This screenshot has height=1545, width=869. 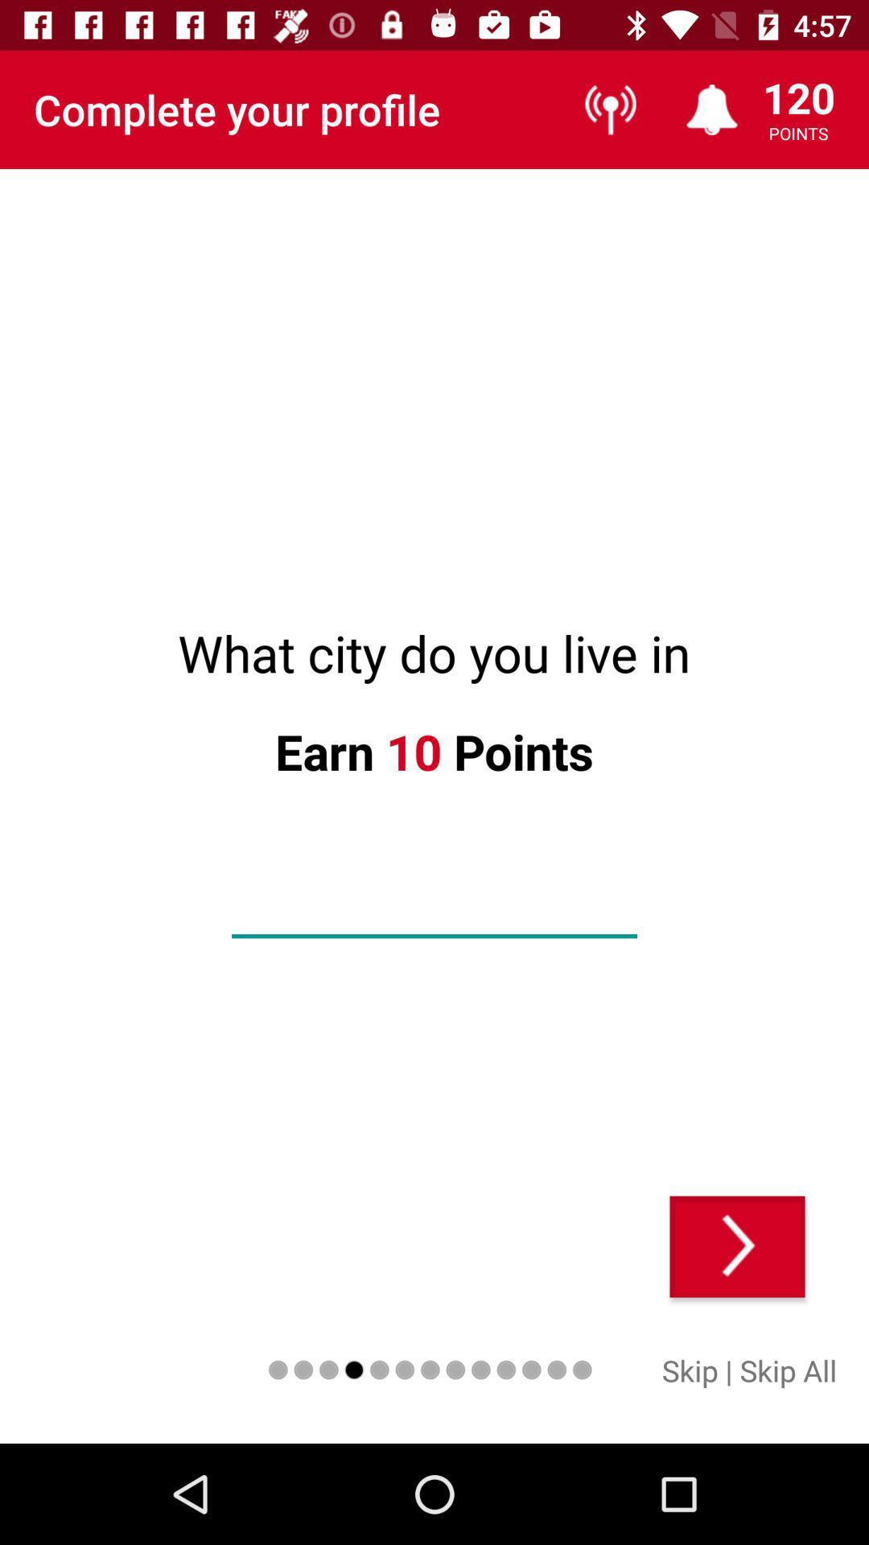 I want to click on item below the what city do, so click(x=737, y=1246).